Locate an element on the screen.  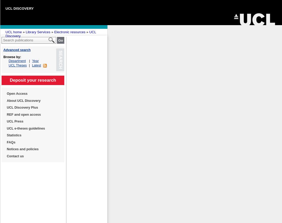
'Browse by:' is located at coordinates (12, 57).